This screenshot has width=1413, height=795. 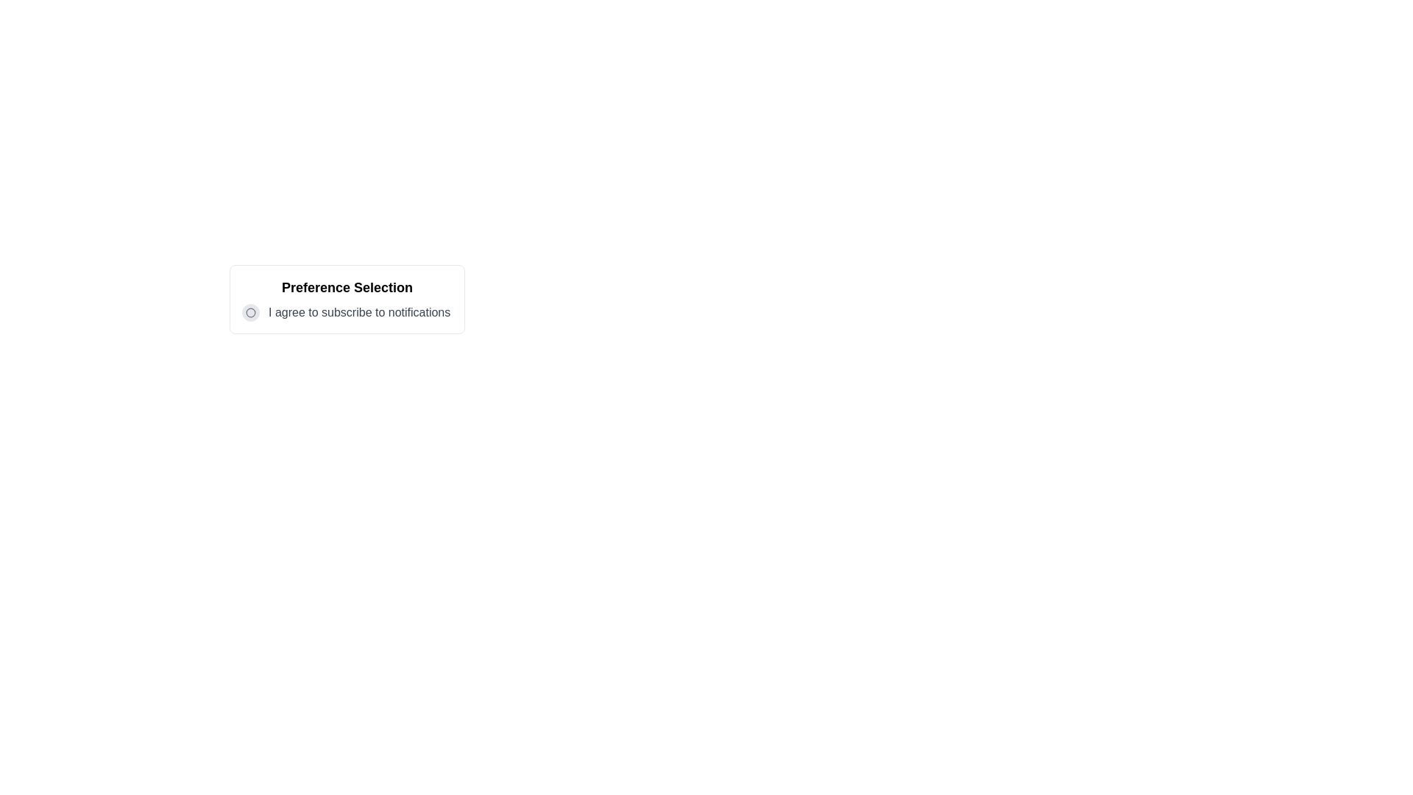 What do you see at coordinates (250, 311) in the screenshot?
I see `the circular checkbox located next to the text 'I agree to subscribe to notifications' within the 'Preference Selection' box` at bounding box center [250, 311].